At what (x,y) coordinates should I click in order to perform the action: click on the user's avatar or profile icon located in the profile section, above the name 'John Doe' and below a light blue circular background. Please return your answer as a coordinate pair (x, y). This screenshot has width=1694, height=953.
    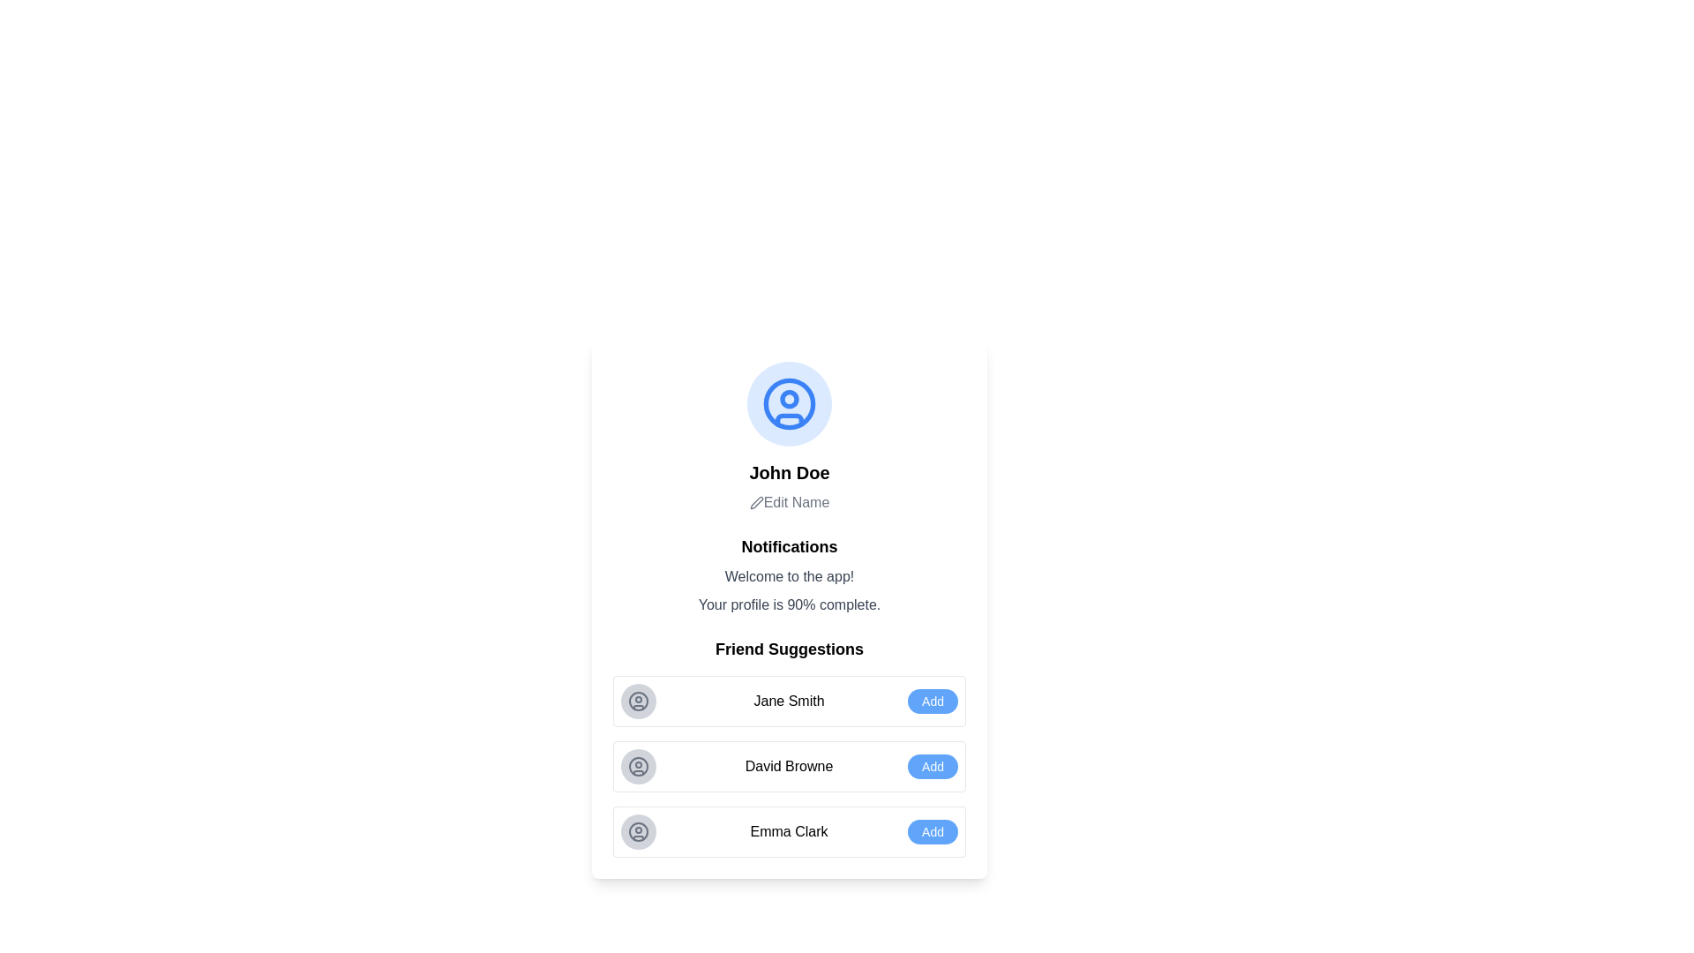
    Looking at the image, I should click on (788, 404).